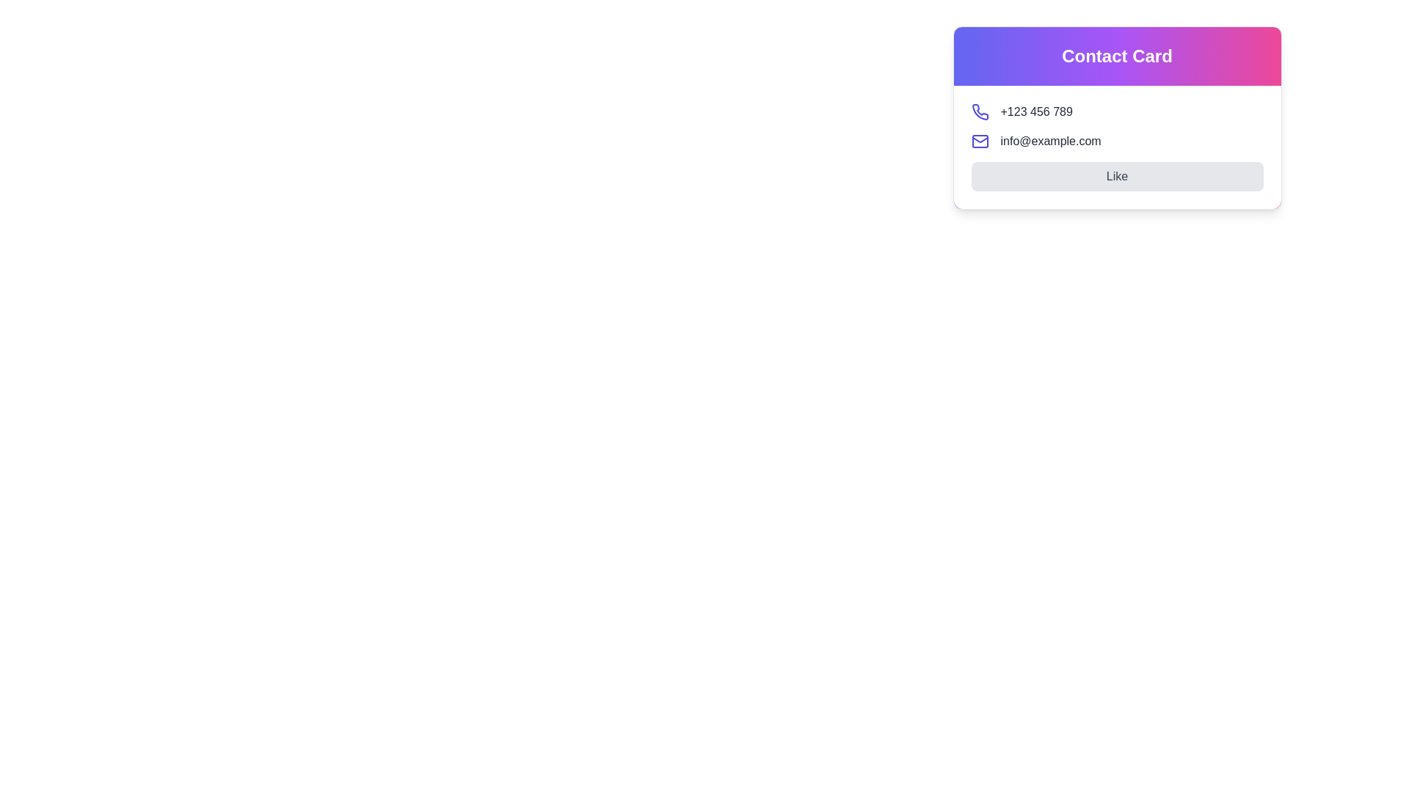  What do you see at coordinates (980, 141) in the screenshot?
I see `the indigo envelope-shaped icon associated with the email functionality, located to the left of 'info@example.com'` at bounding box center [980, 141].